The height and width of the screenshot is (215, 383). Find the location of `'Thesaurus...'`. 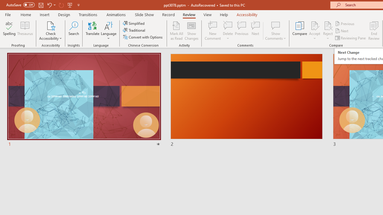

'Thesaurus...' is located at coordinates (25, 31).